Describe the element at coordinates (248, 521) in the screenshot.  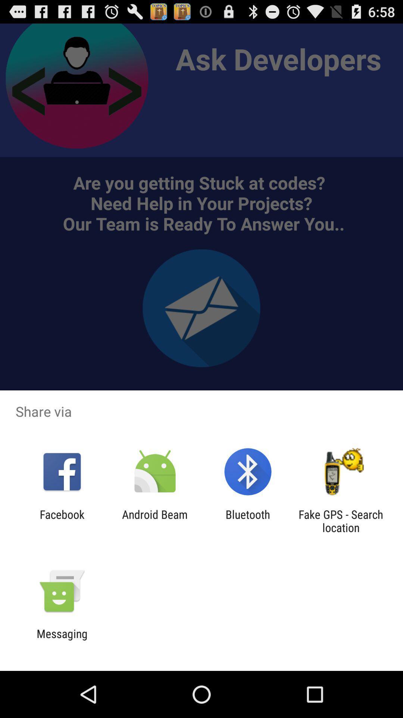
I see `the bluetooth item` at that location.